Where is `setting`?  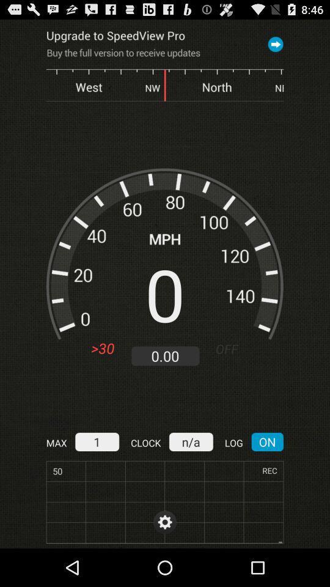 setting is located at coordinates (165, 522).